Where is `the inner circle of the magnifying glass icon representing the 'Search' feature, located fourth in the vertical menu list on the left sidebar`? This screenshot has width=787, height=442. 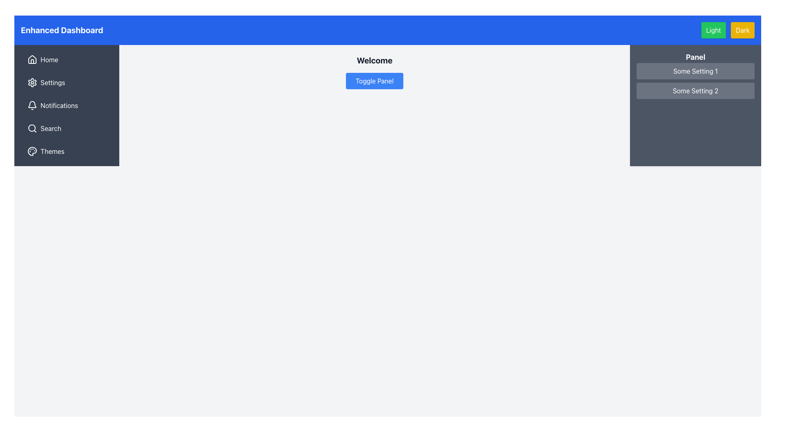 the inner circle of the magnifying glass icon representing the 'Search' feature, located fourth in the vertical menu list on the left sidebar is located at coordinates (32, 128).